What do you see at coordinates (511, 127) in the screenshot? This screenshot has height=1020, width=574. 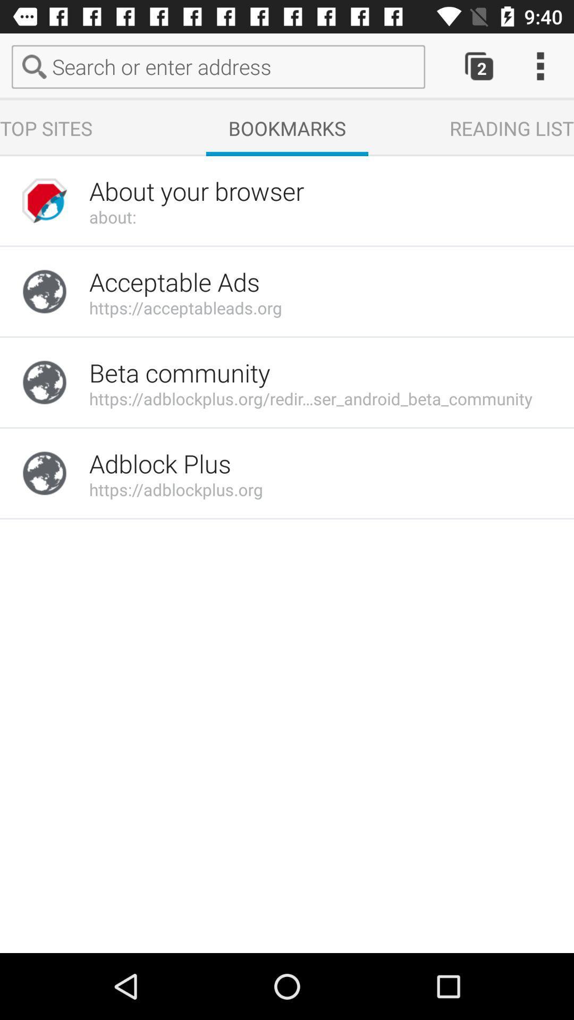 I see `reading list` at bounding box center [511, 127].